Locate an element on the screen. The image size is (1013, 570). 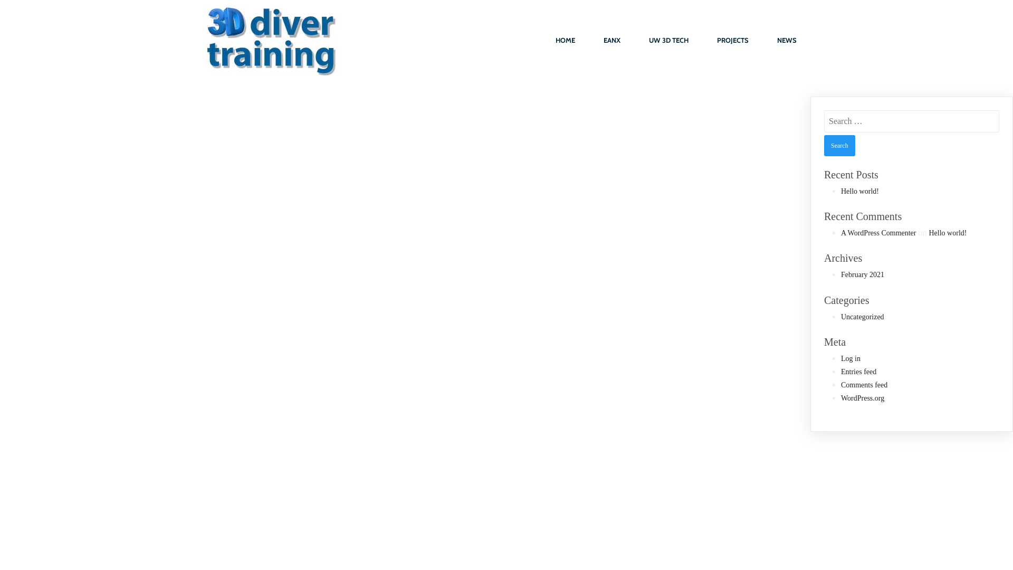
'Uncategorized' is located at coordinates (863, 316).